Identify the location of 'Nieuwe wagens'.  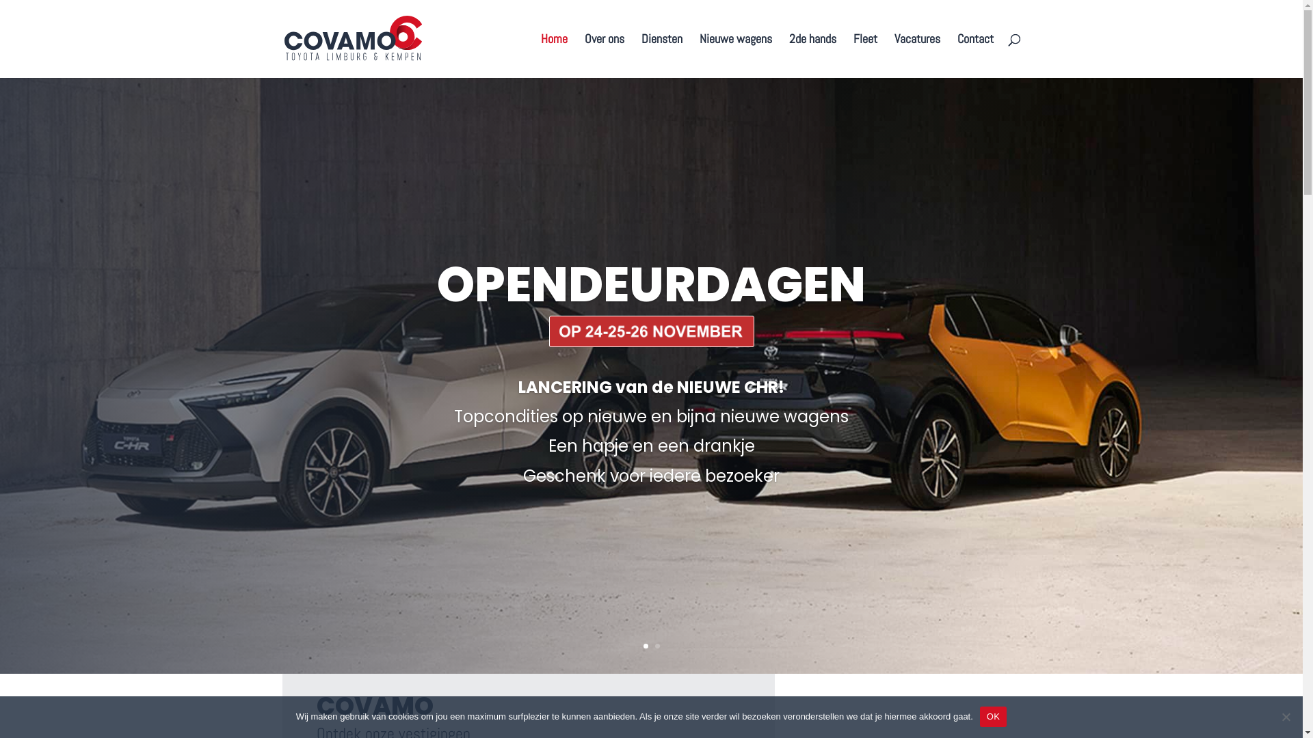
(734, 55).